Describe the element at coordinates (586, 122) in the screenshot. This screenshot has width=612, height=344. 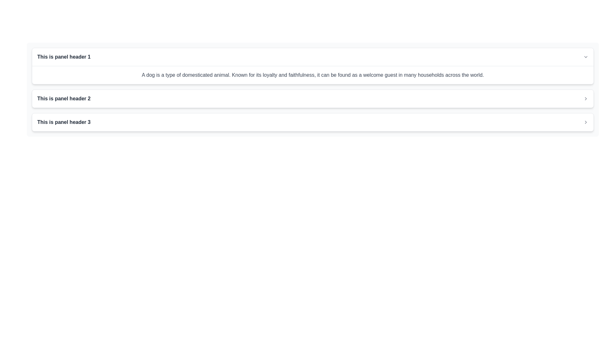
I see `the small chevron-shaped icon pointing to the right, located at the far-right end of the third panel titled 'This is panel header 3'` at that location.